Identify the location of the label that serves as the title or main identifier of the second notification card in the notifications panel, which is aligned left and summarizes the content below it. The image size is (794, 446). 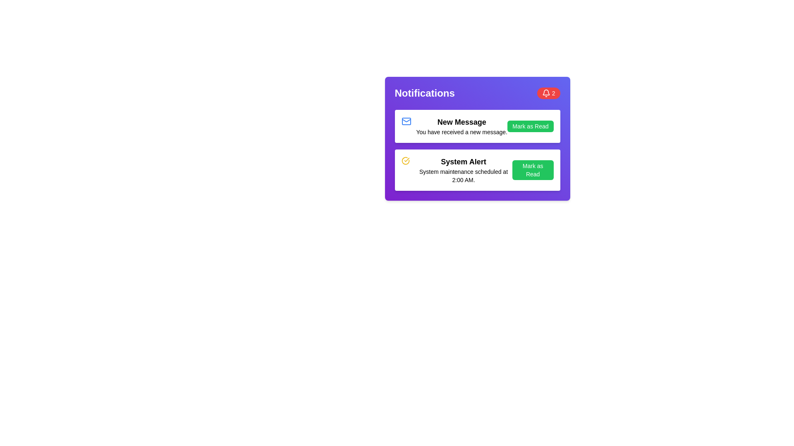
(464, 162).